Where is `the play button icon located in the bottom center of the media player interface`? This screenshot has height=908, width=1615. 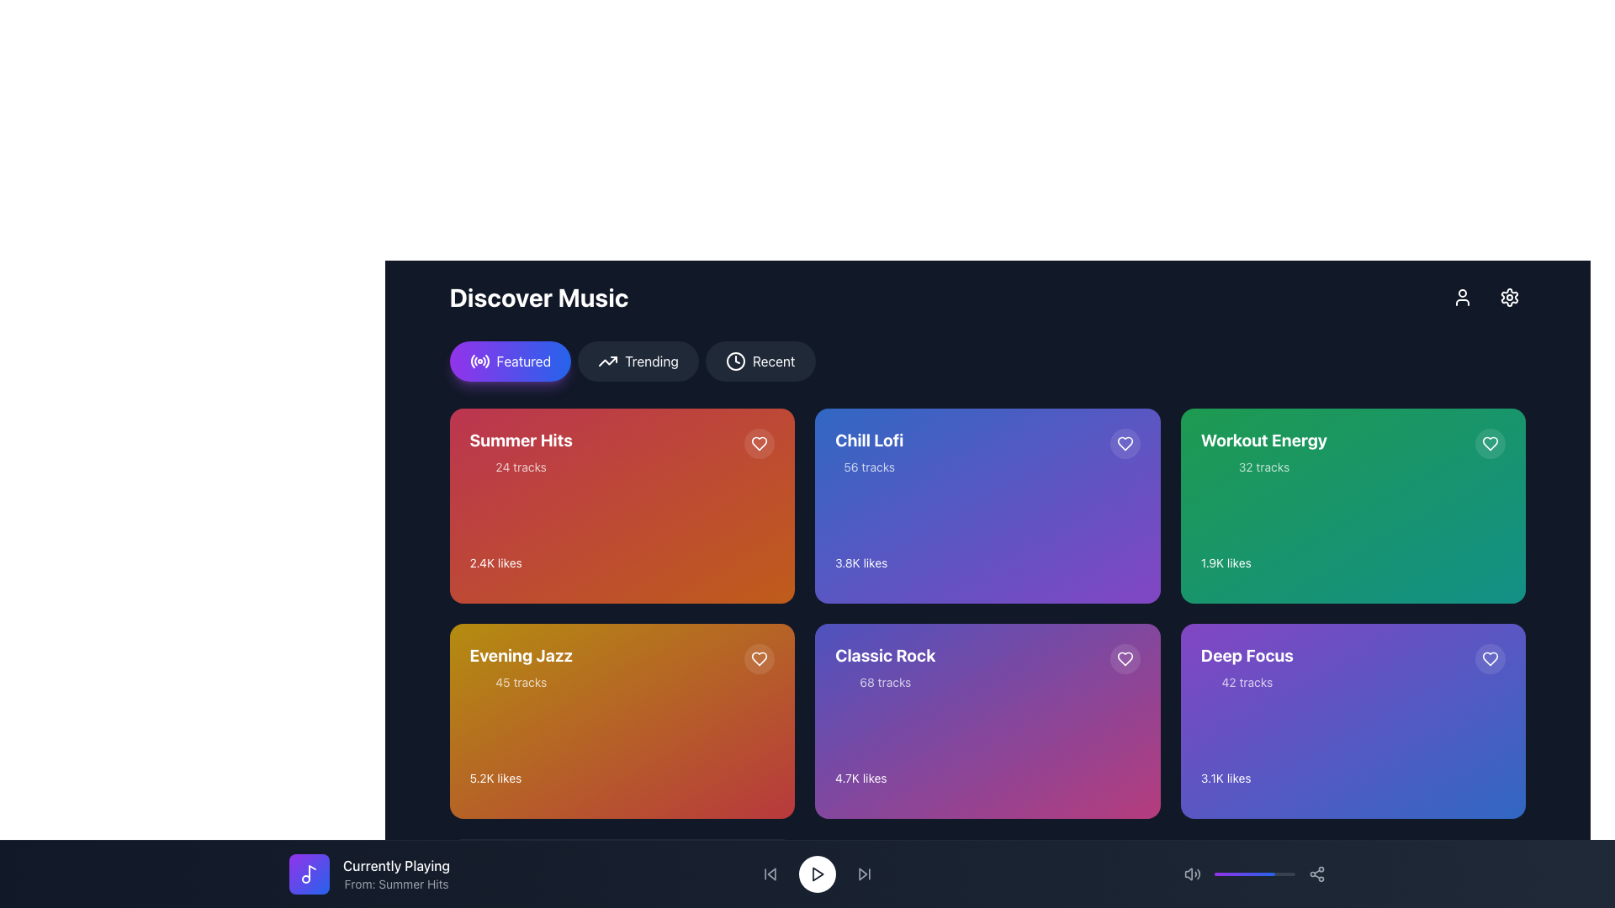
the play button icon located in the bottom center of the media player interface is located at coordinates (817, 874).